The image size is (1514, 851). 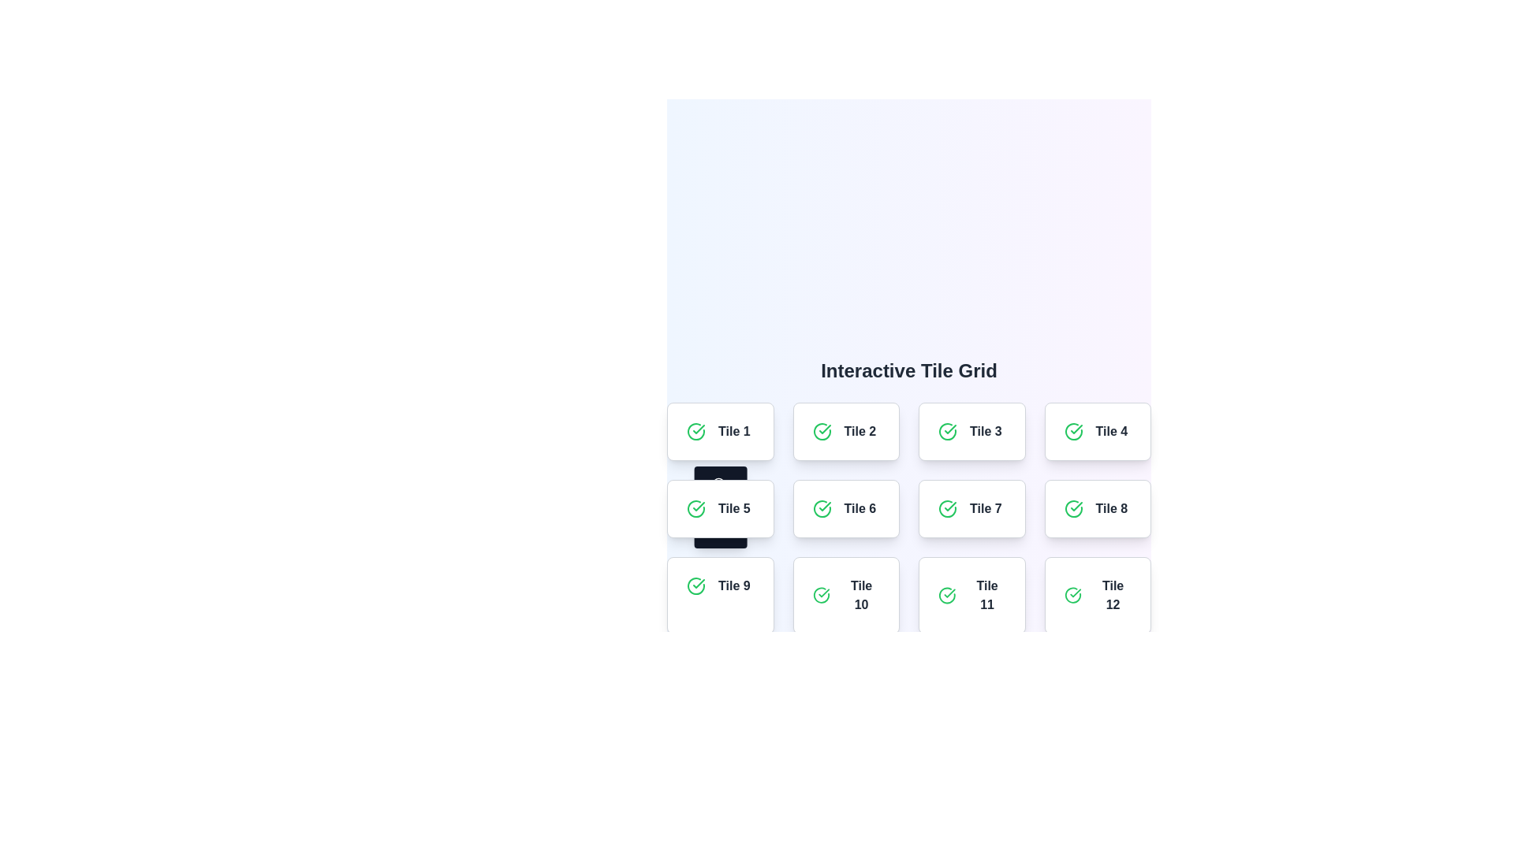 What do you see at coordinates (718, 482) in the screenshot?
I see `'info' icon element, which is a small circular outline with an 'i' in the center, located to the left of the text 'Details about Tile 1' in the tooltip above 'Tile 5'` at bounding box center [718, 482].